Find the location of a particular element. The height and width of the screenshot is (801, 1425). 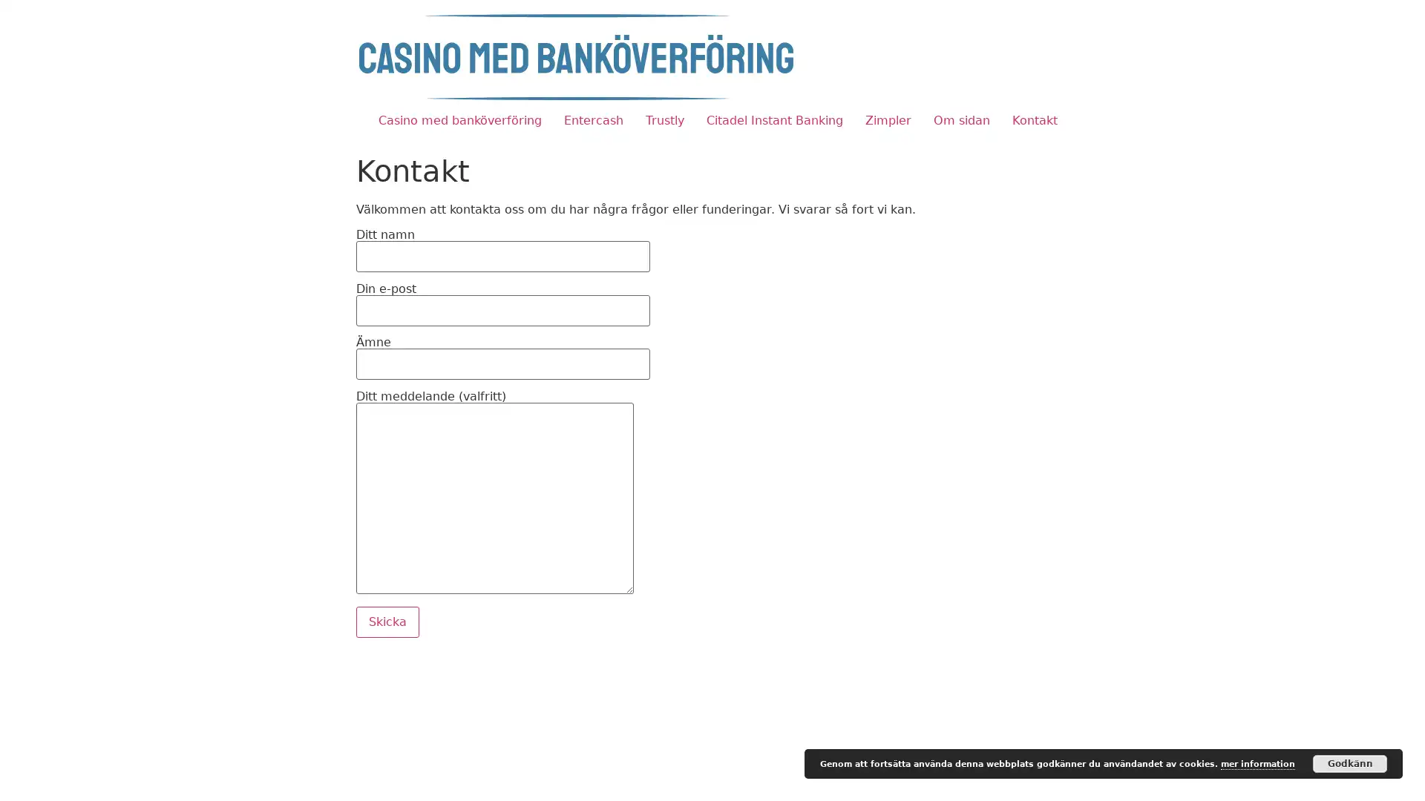

Godkann is located at coordinates (1350, 763).